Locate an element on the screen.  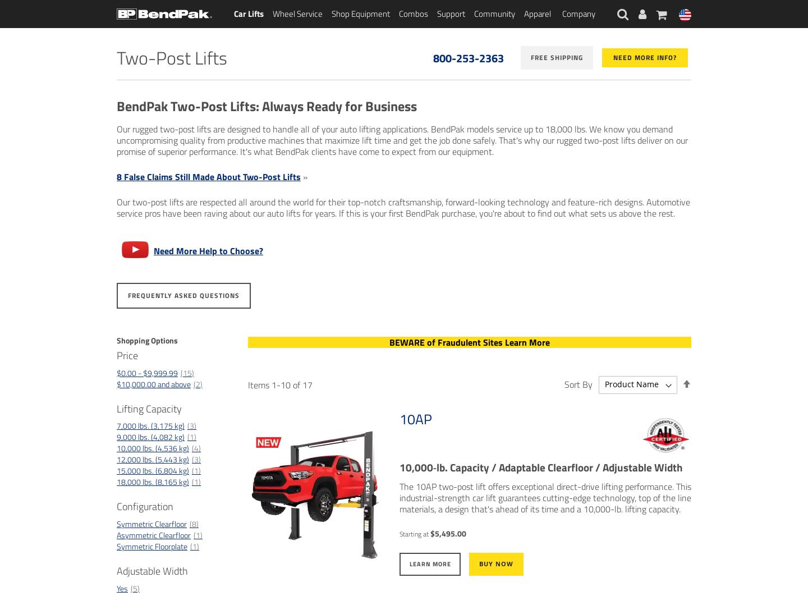
'of' is located at coordinates (295, 384).